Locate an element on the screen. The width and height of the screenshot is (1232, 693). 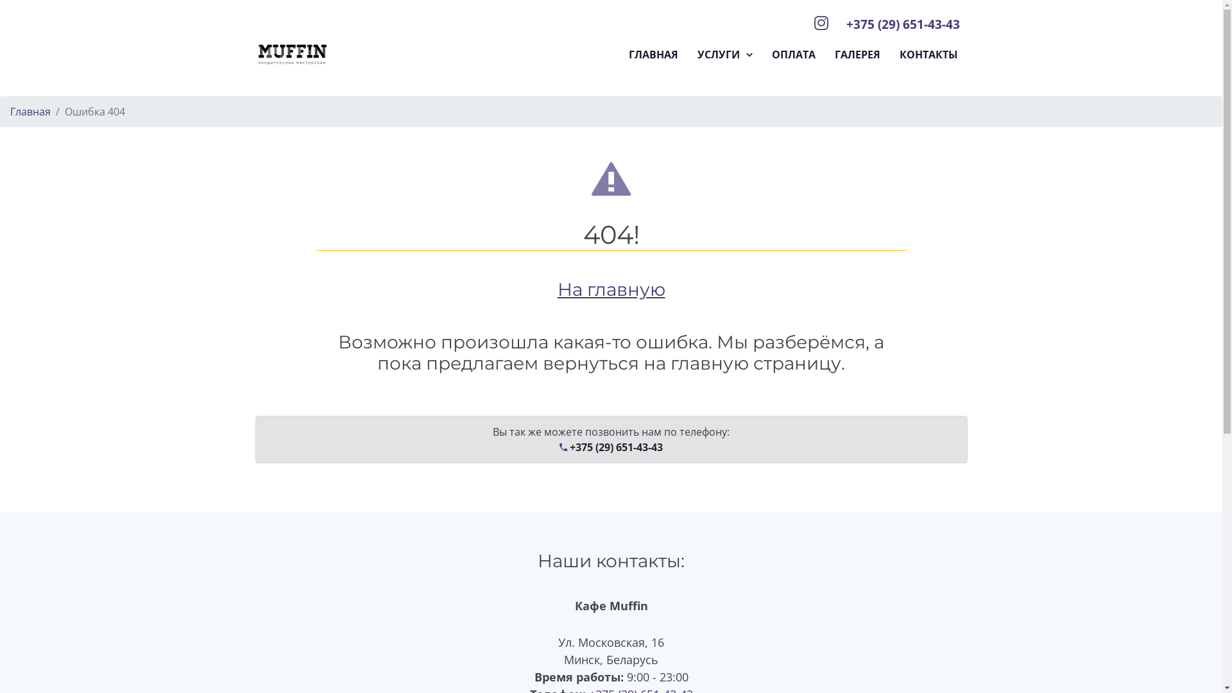
'+375 (29) 651-43-43' is located at coordinates (610, 447).